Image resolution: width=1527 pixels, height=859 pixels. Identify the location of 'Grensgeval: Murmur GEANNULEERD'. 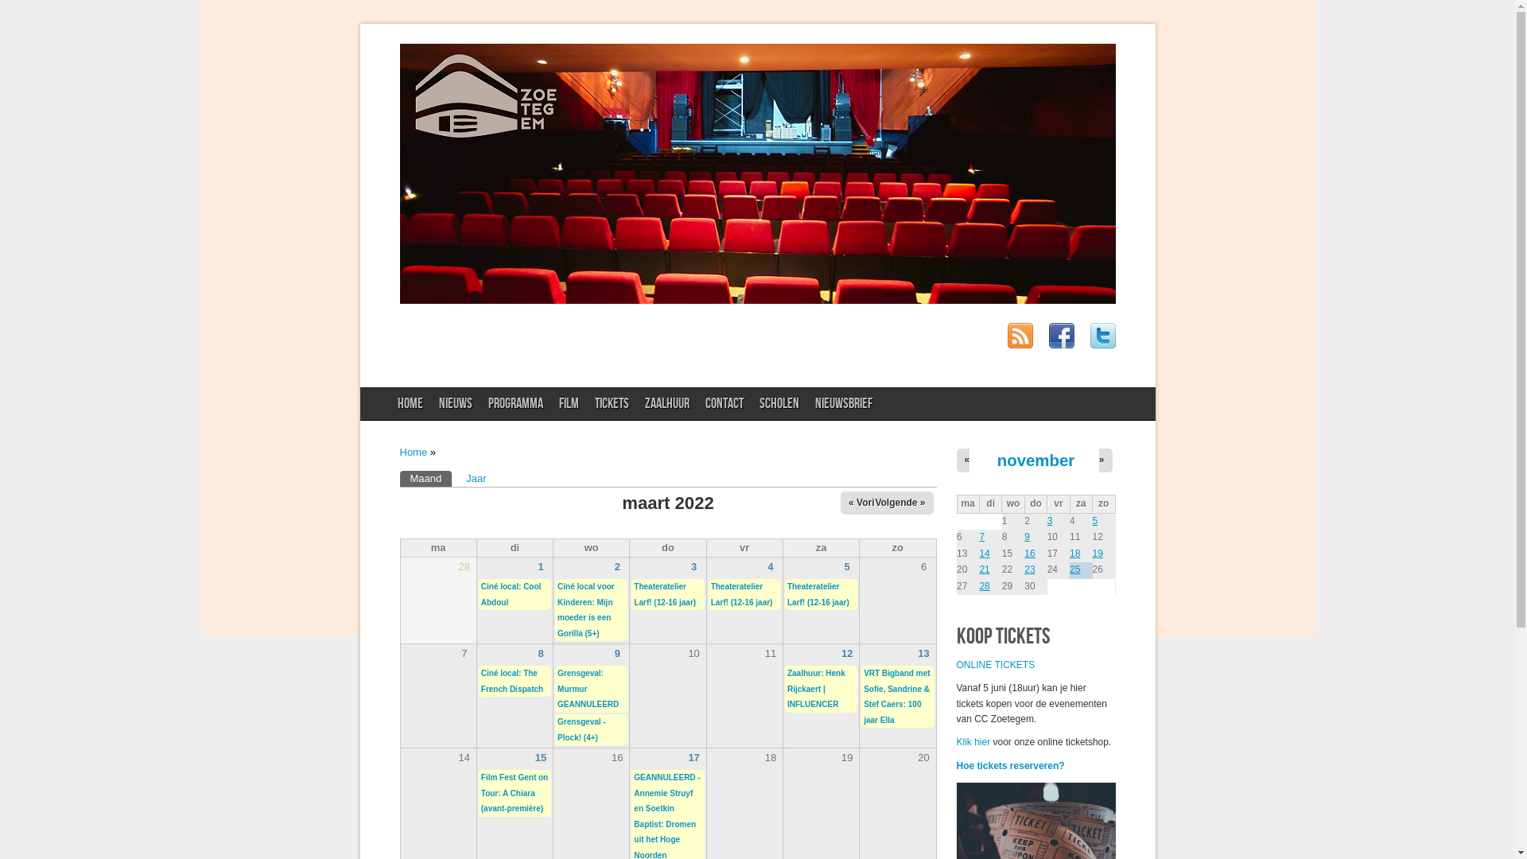
(587, 688).